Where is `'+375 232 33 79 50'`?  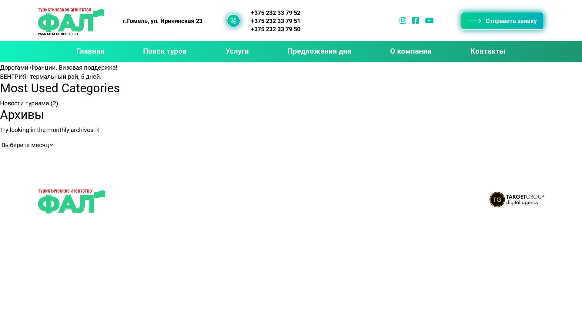 '+375 232 33 79 50' is located at coordinates (275, 29).